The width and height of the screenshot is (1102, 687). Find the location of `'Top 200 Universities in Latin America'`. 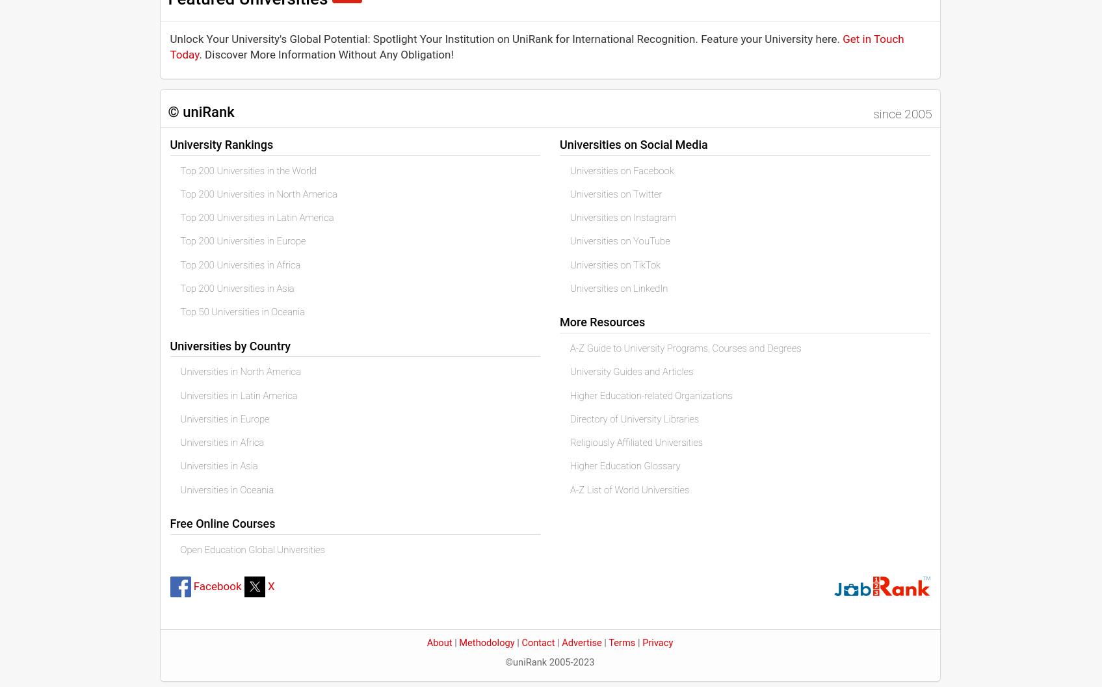

'Top 200 Universities in Latin America' is located at coordinates (256, 217).